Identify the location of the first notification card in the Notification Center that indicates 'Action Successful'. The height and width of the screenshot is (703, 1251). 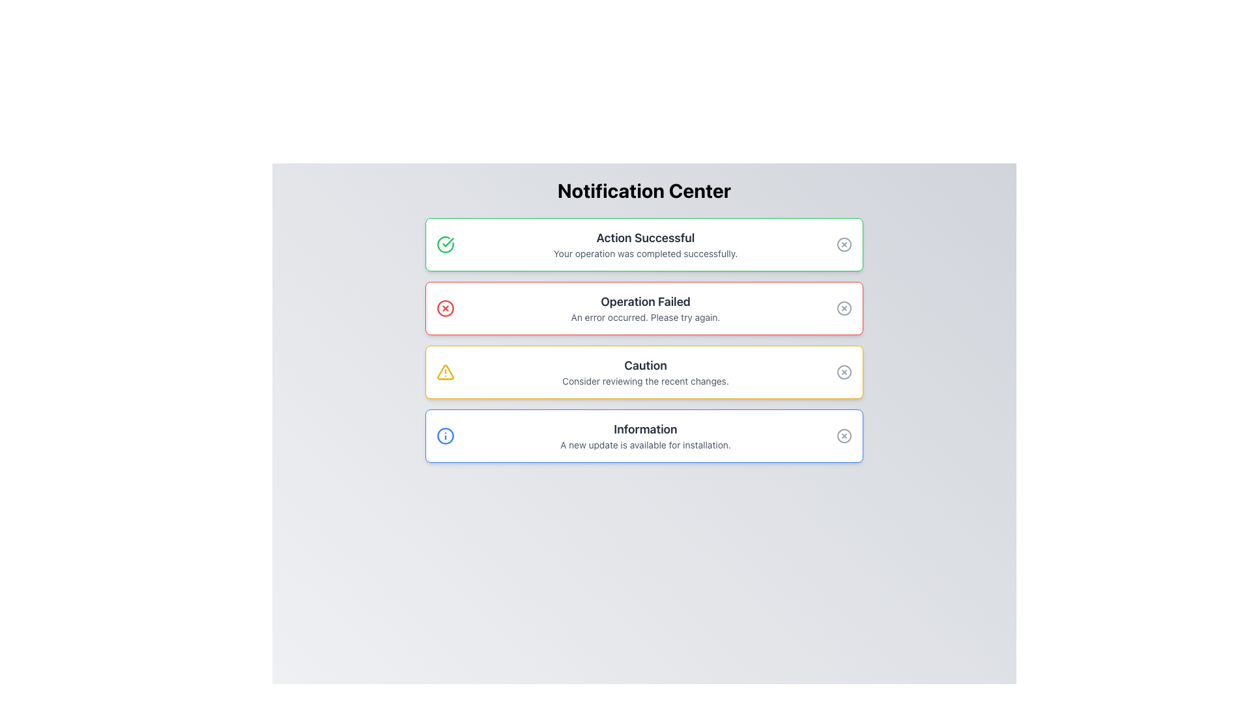
(644, 244).